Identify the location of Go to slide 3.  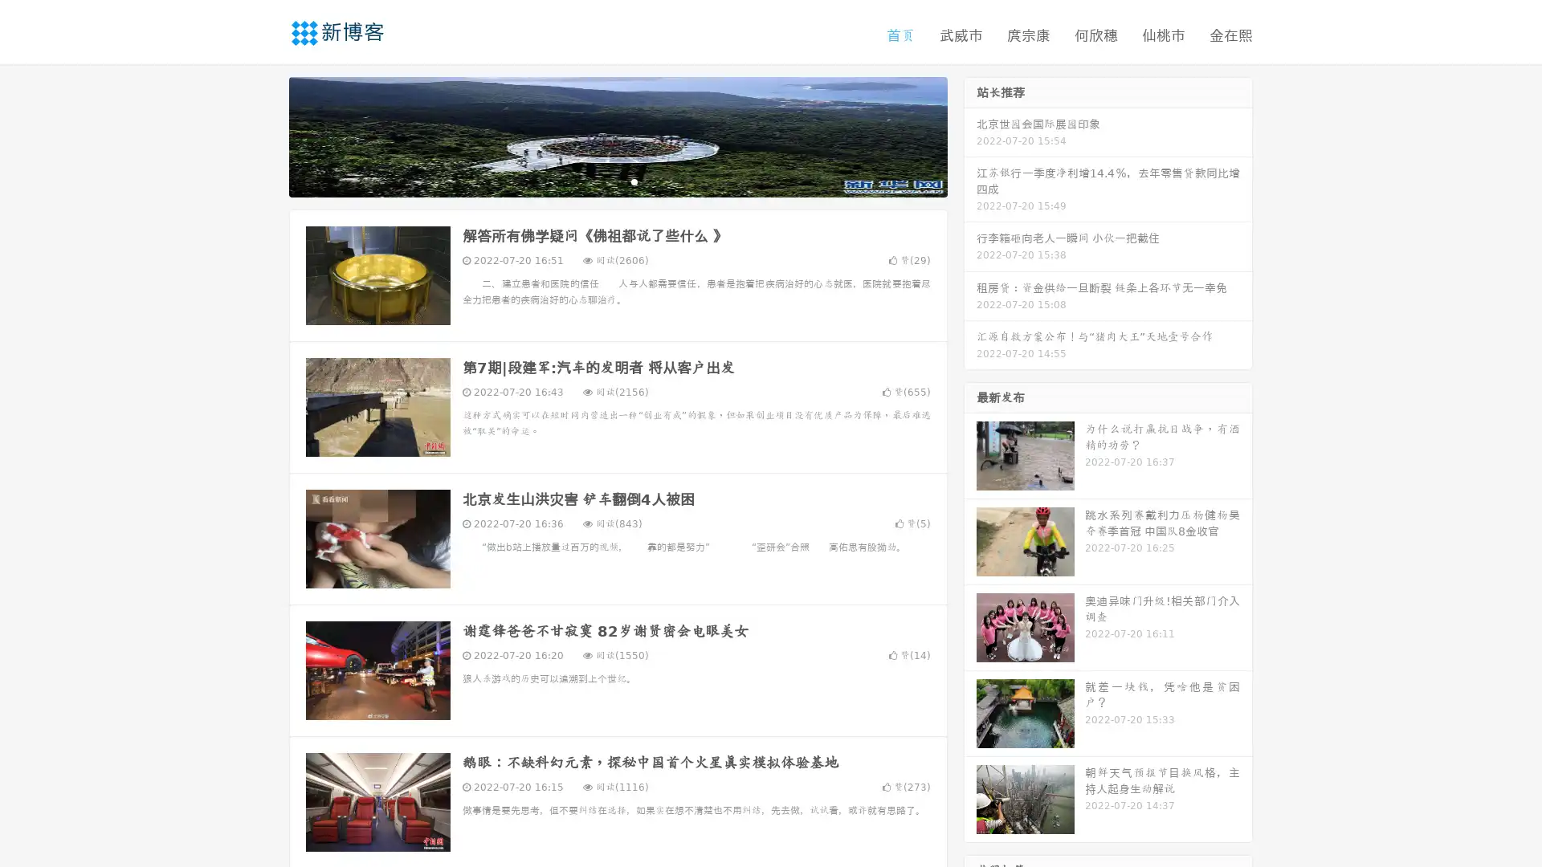
(634, 181).